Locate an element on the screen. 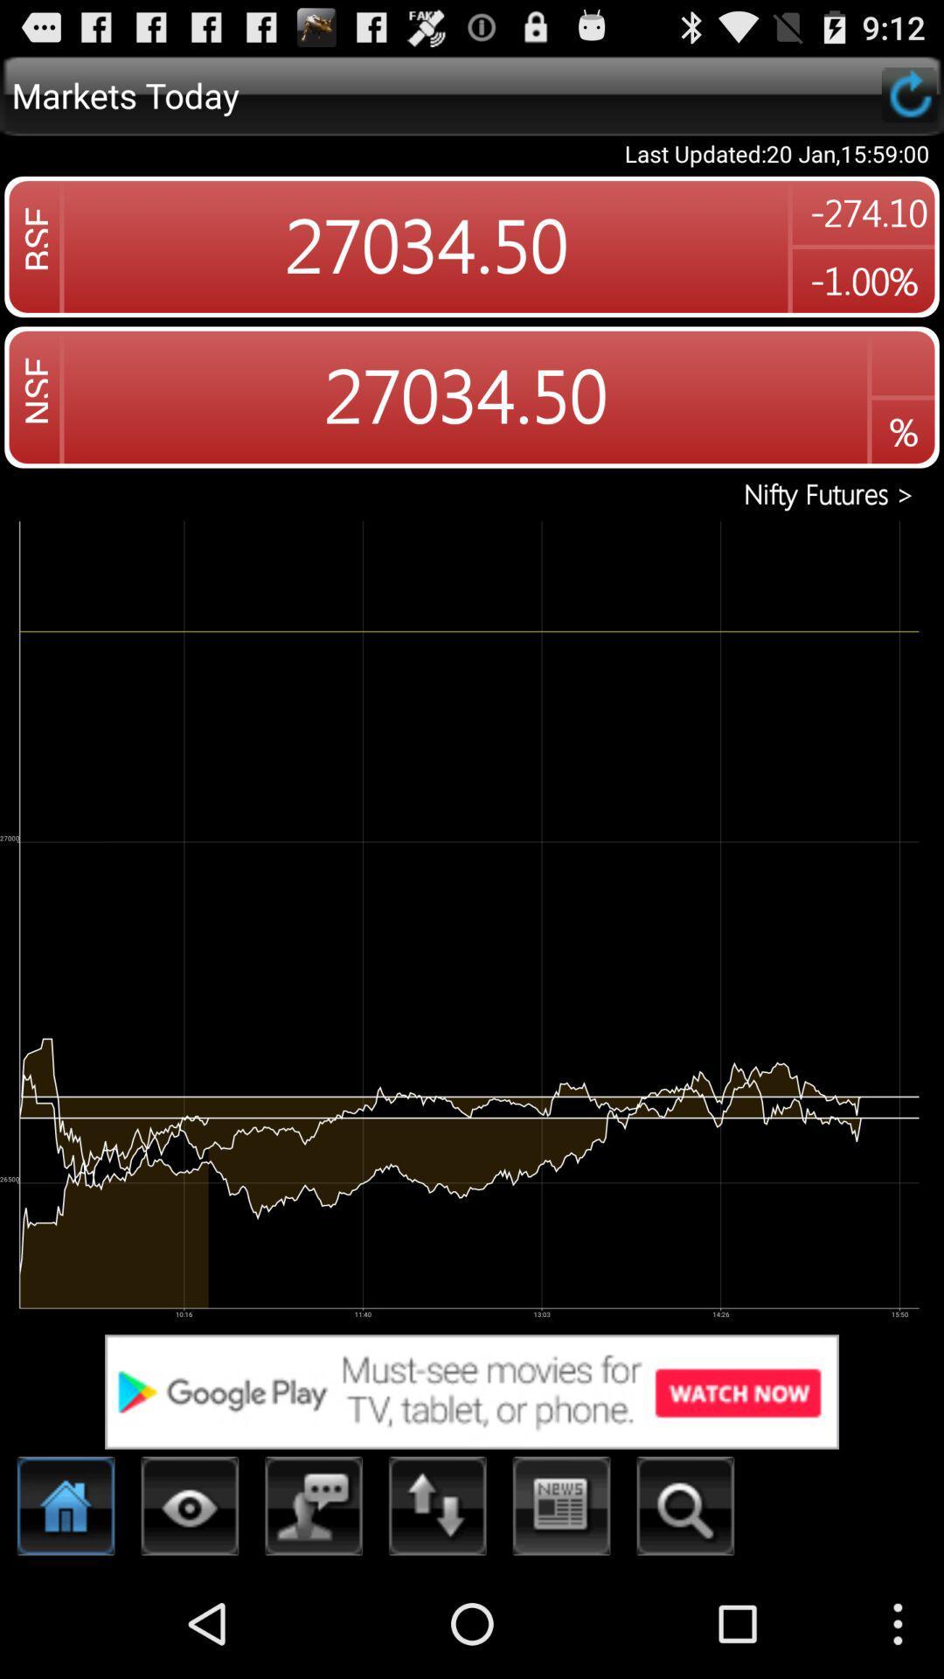  refresh data is located at coordinates (908, 94).